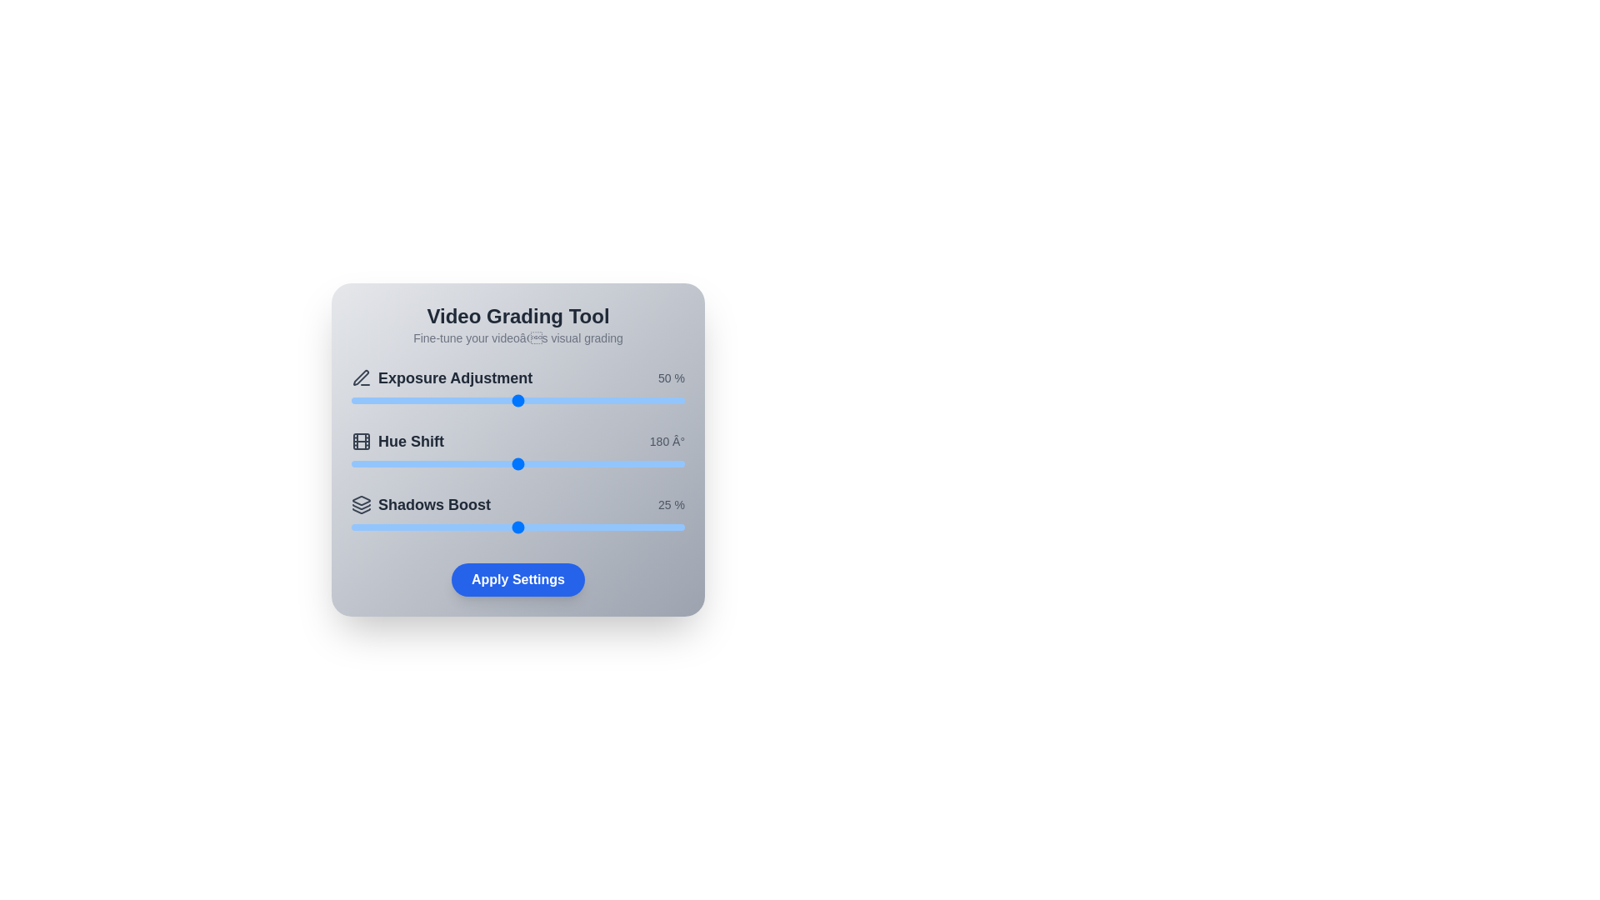  What do you see at coordinates (667, 440) in the screenshot?
I see `value displayed in the text label showing '180 Â°', which is located in the right segment below the 'Hue Shift' label` at bounding box center [667, 440].